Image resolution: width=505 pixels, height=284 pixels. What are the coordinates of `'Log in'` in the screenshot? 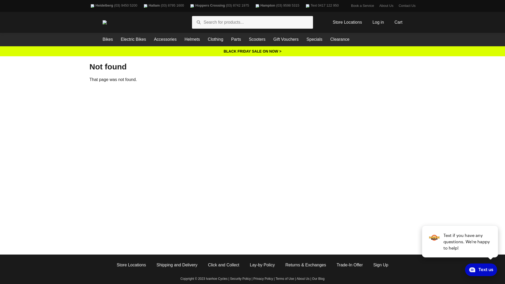 It's located at (378, 22).